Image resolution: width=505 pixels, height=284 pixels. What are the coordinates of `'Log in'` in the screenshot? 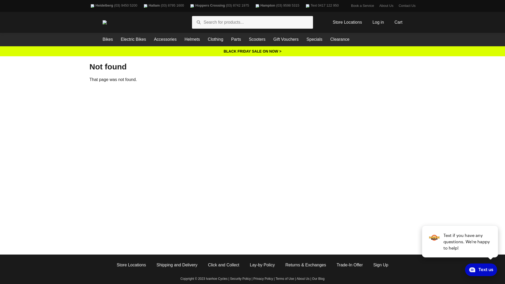 It's located at (378, 22).